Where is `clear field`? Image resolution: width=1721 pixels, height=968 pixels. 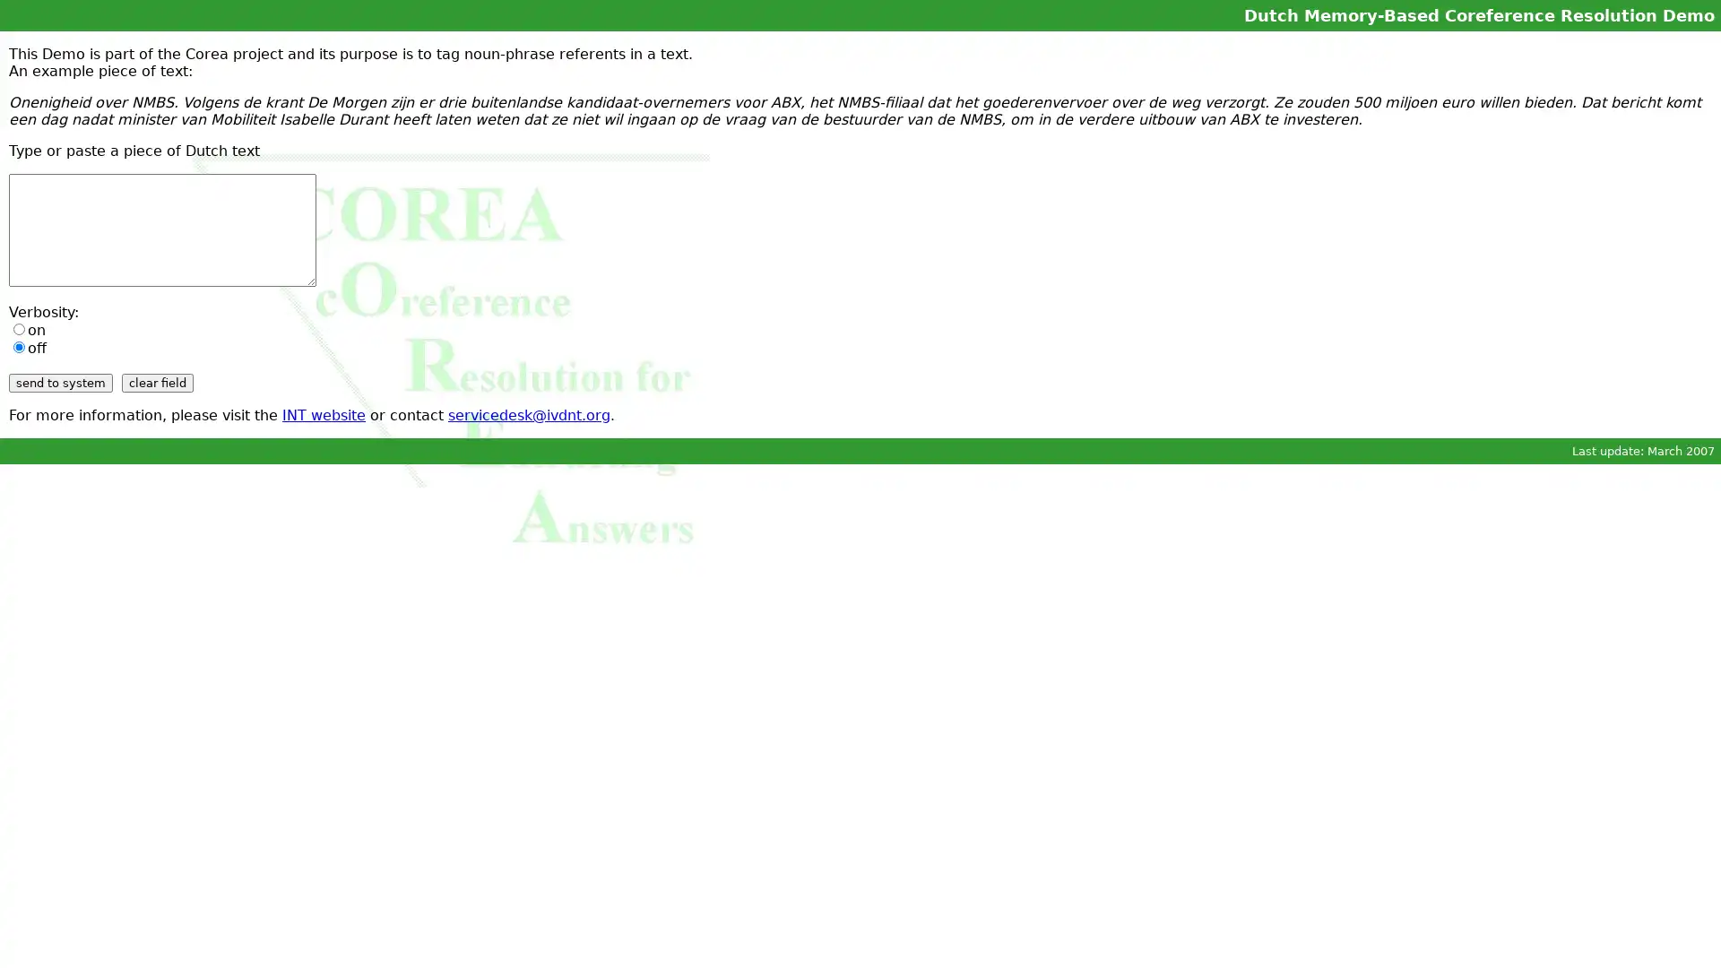 clear field is located at coordinates (158, 382).